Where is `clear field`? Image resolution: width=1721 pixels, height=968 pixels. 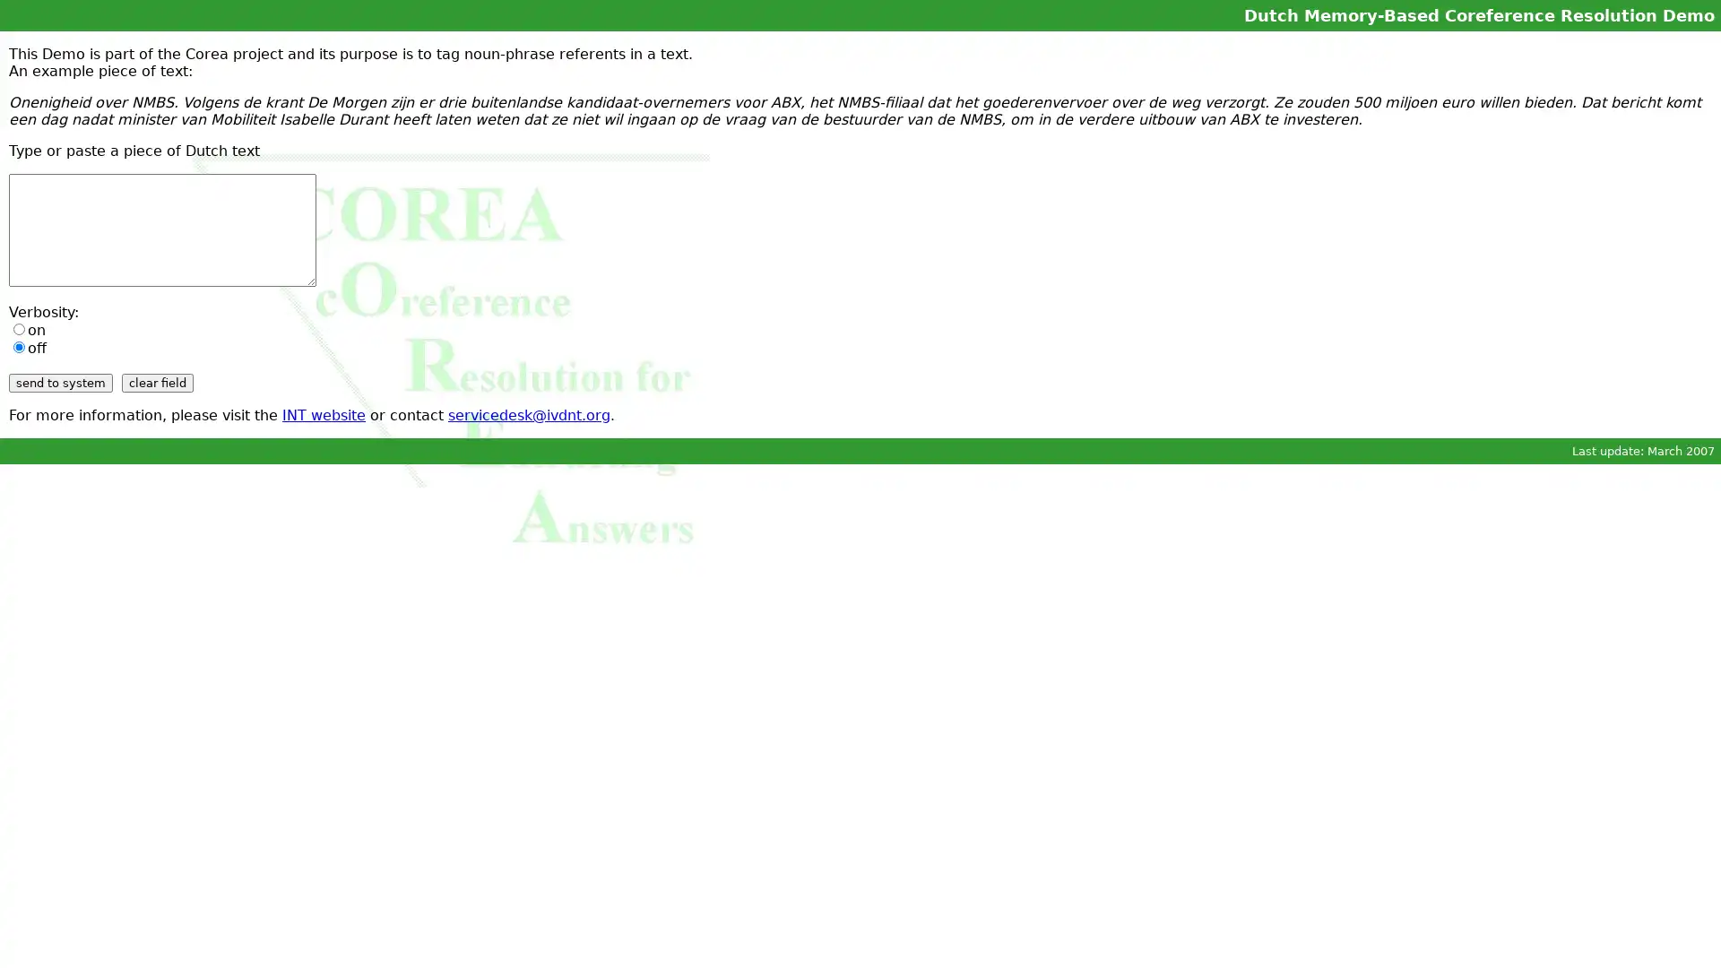 clear field is located at coordinates (158, 382).